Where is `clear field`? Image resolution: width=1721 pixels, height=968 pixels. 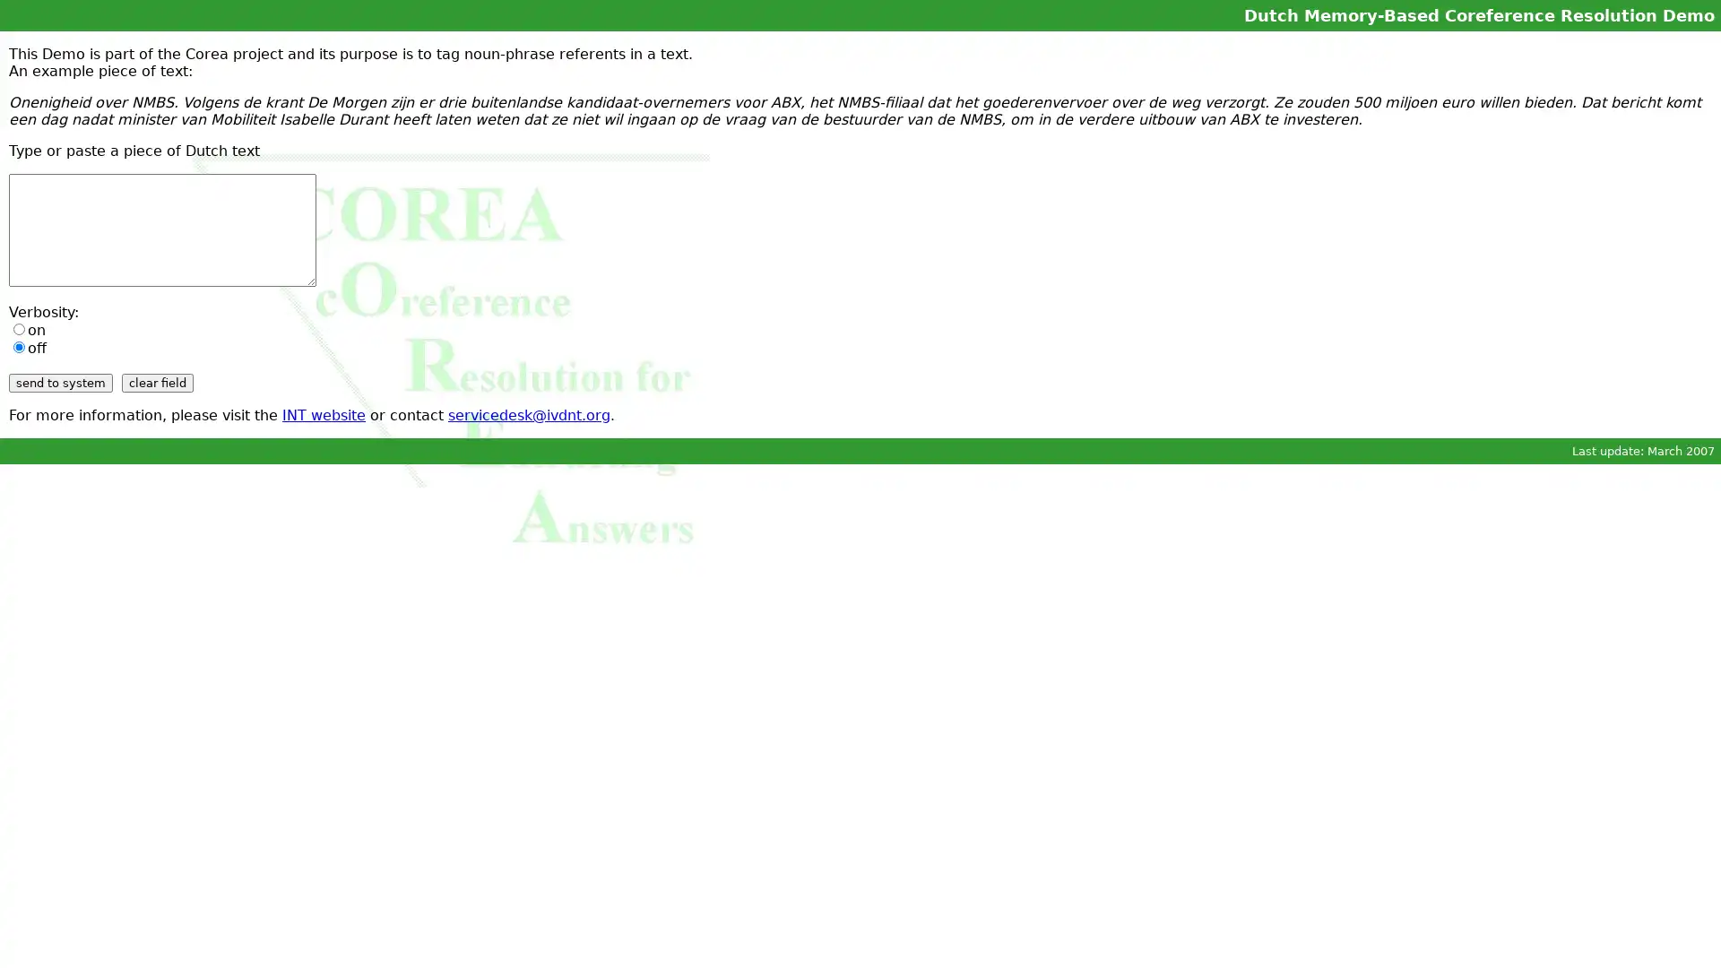 clear field is located at coordinates (158, 382).